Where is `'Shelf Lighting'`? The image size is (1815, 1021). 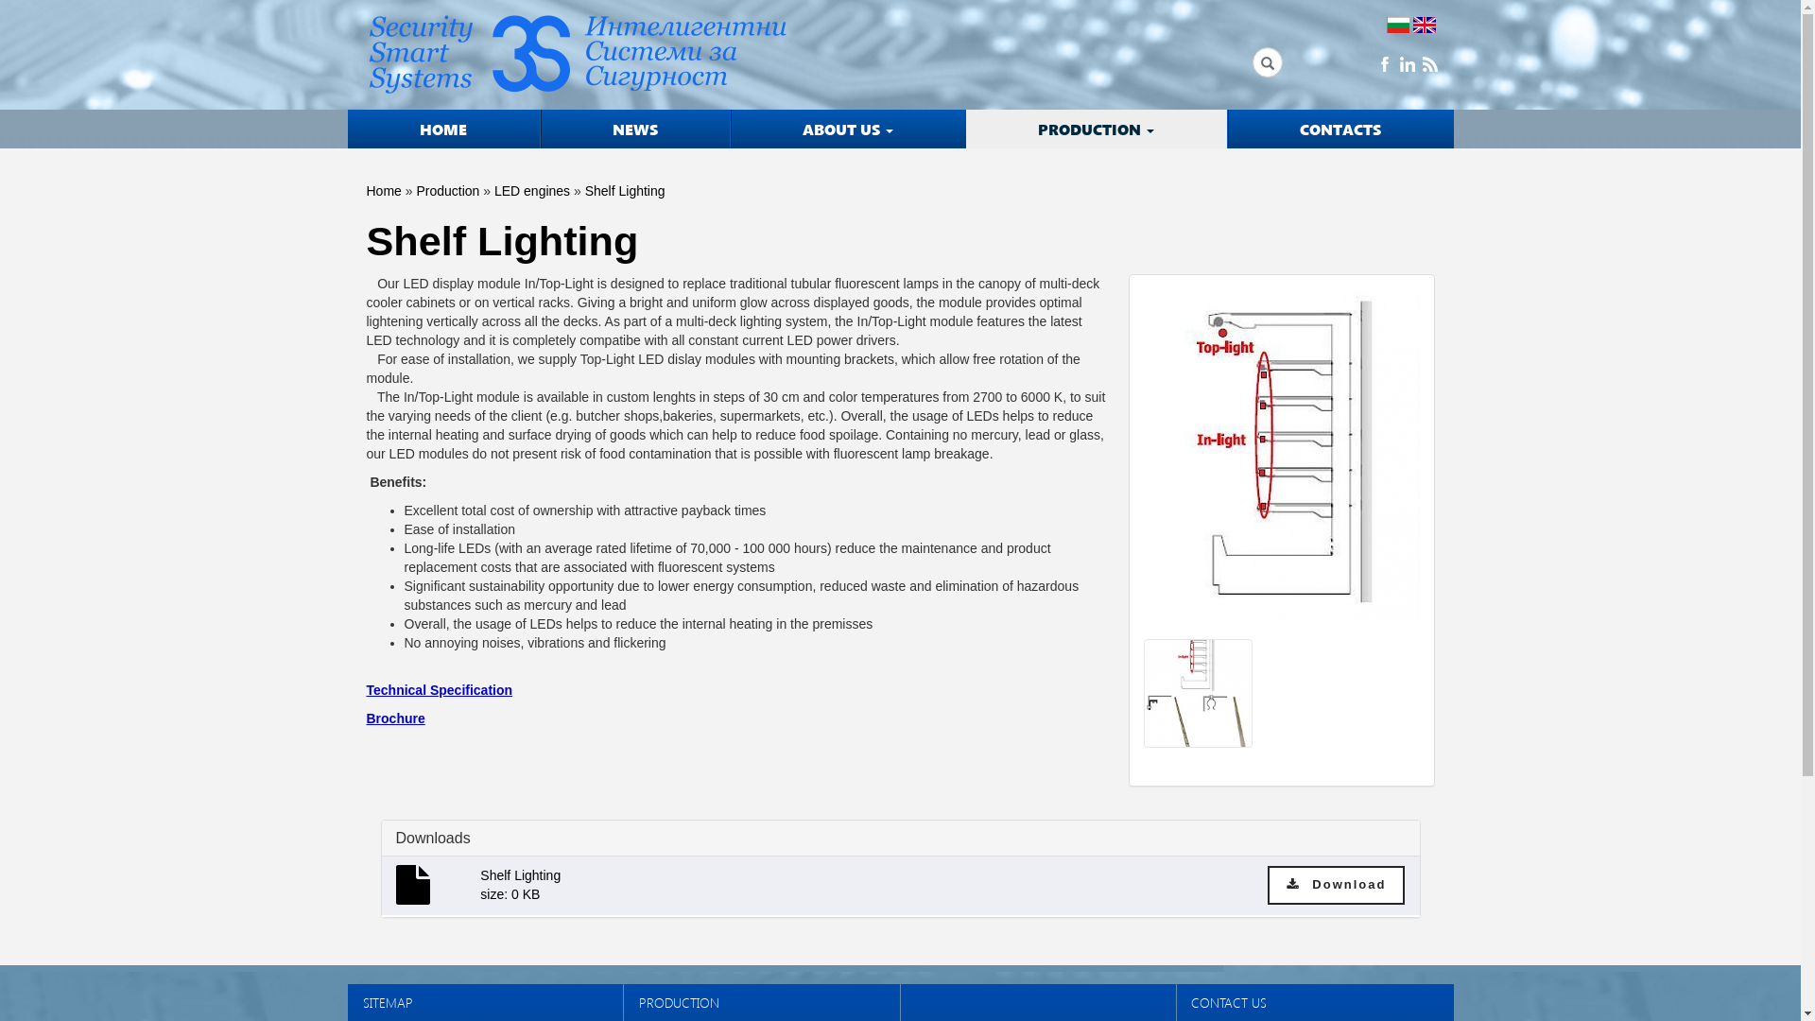
'Shelf Lighting' is located at coordinates (1282, 462).